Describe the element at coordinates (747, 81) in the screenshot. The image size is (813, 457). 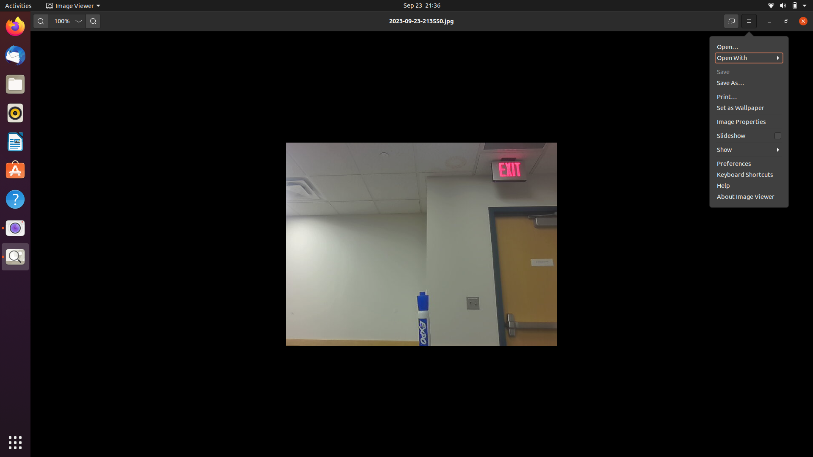
I see `a printing process for the chosen picture` at that location.